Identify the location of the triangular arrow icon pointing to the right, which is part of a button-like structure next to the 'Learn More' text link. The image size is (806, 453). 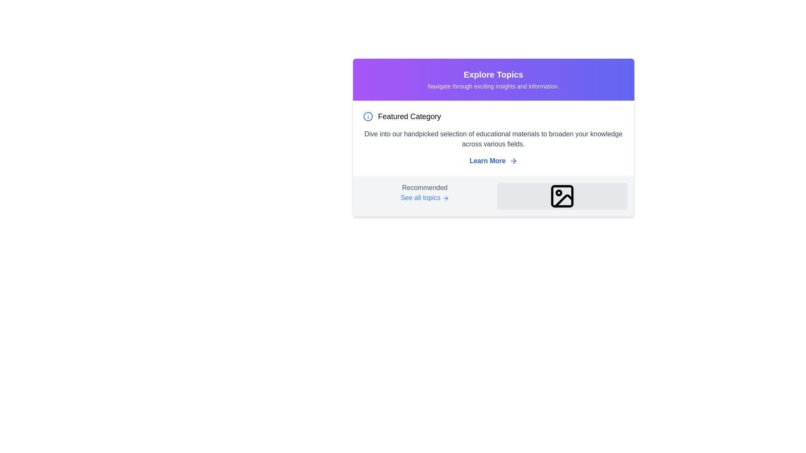
(446, 198).